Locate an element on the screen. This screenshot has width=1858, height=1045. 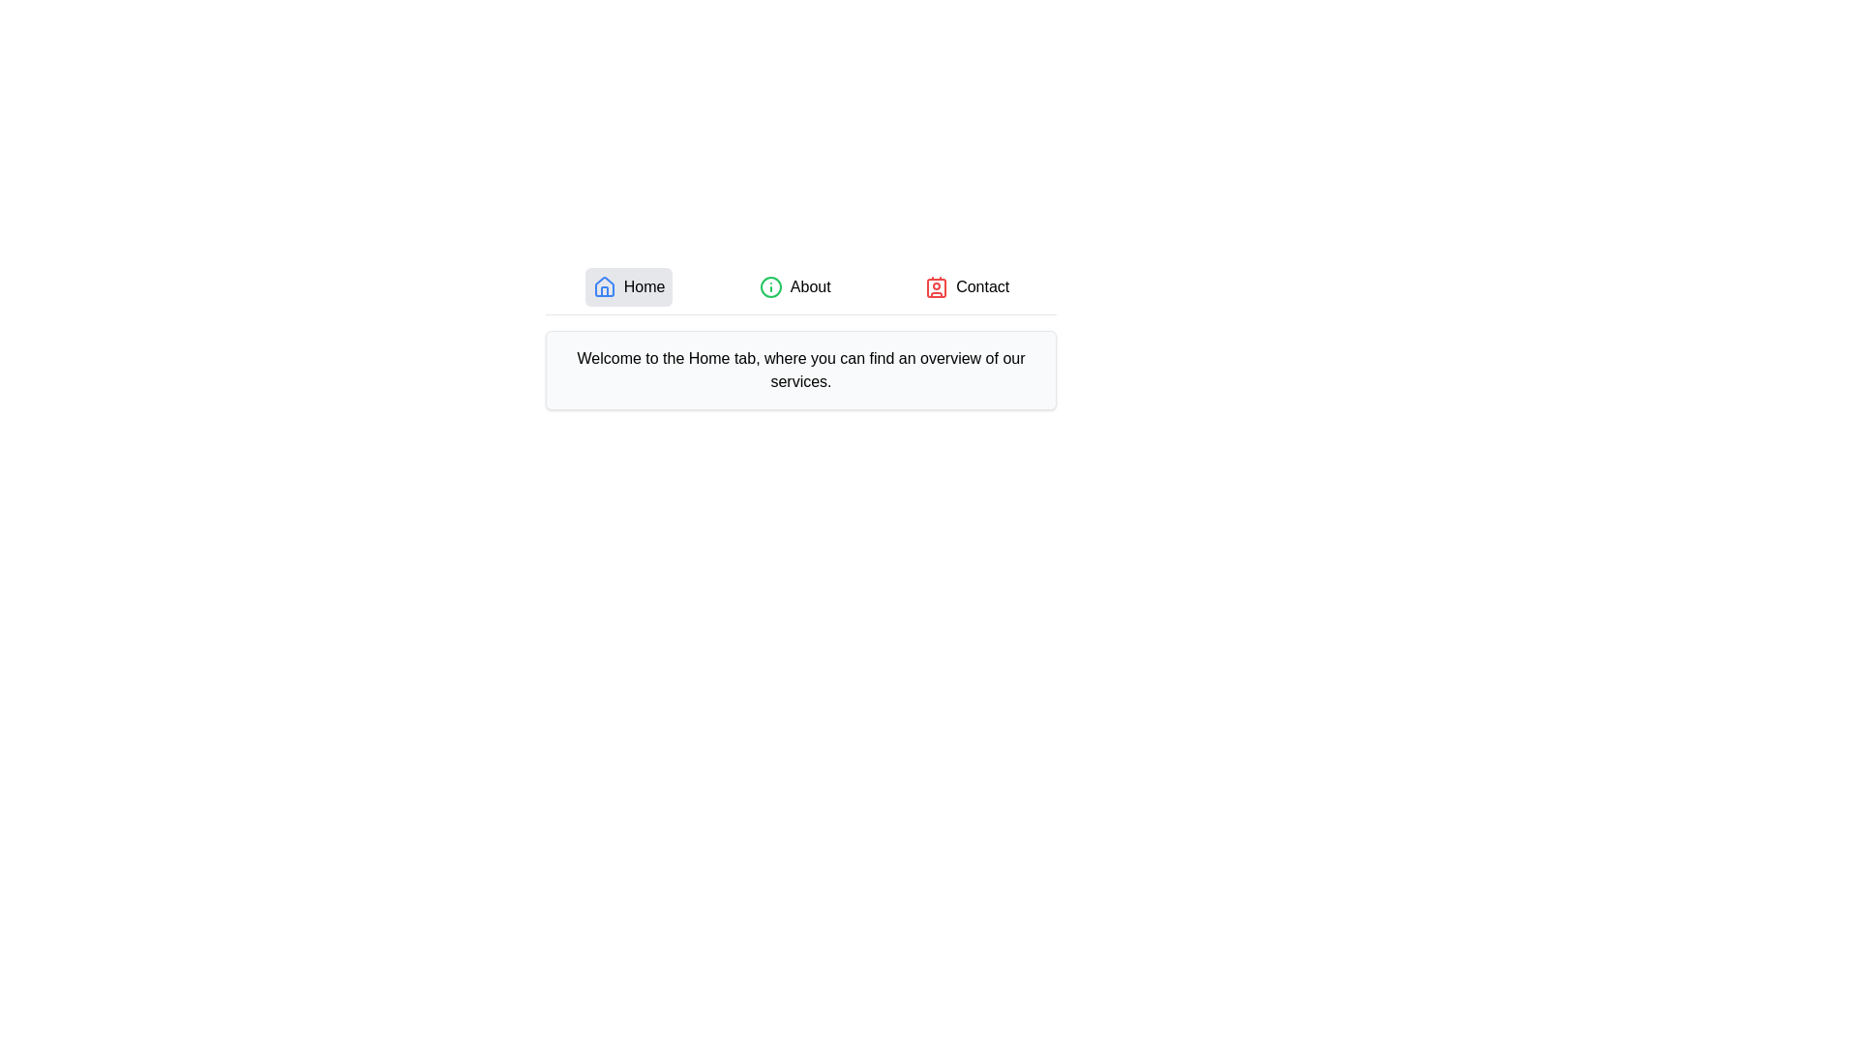
the About tab to view its content is located at coordinates (794, 287).